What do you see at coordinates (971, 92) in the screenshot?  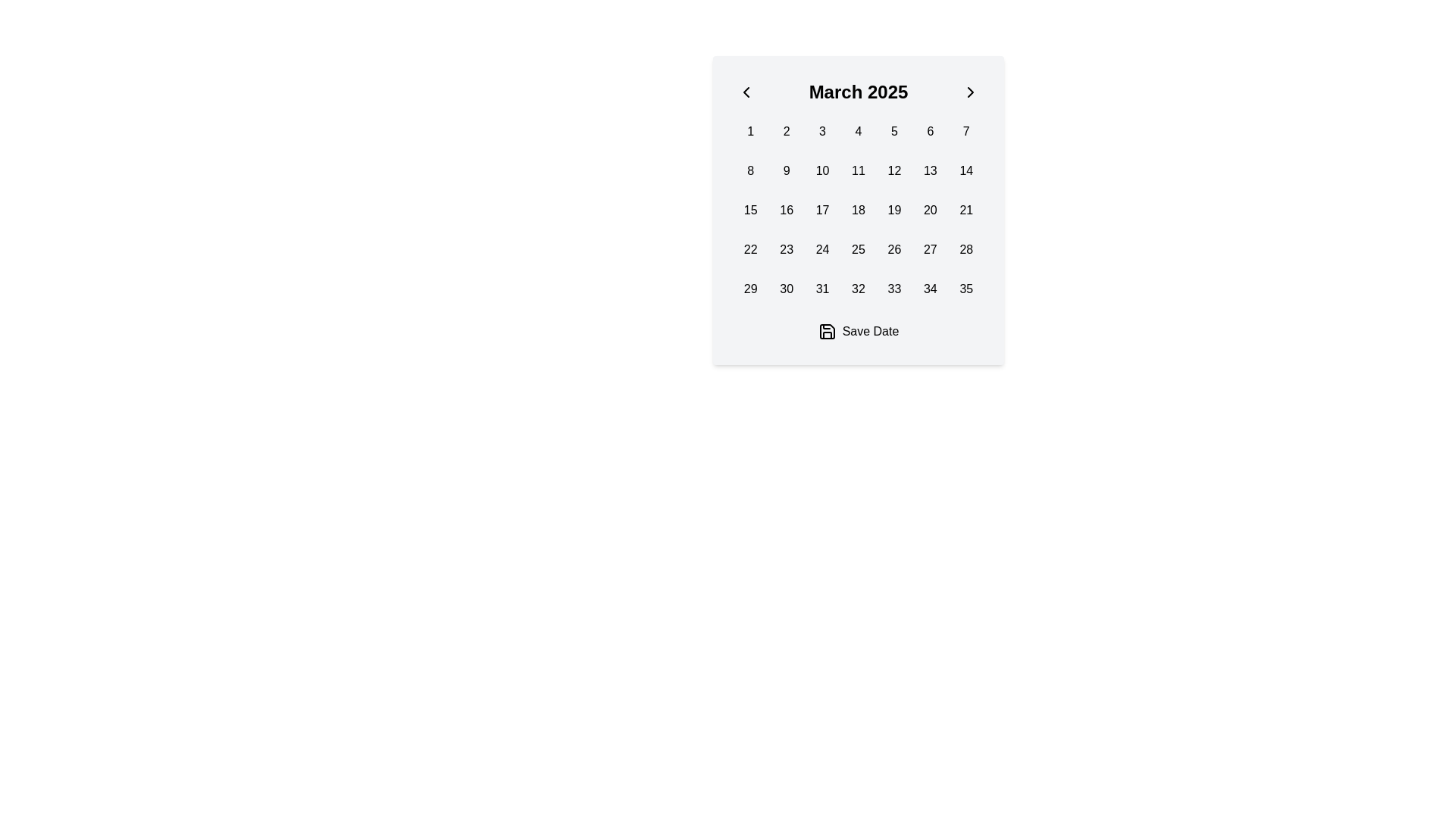 I see `the button that navigates to the next month in the calendar interface, located at the right end of the row adjacent to 'March 2025'` at bounding box center [971, 92].